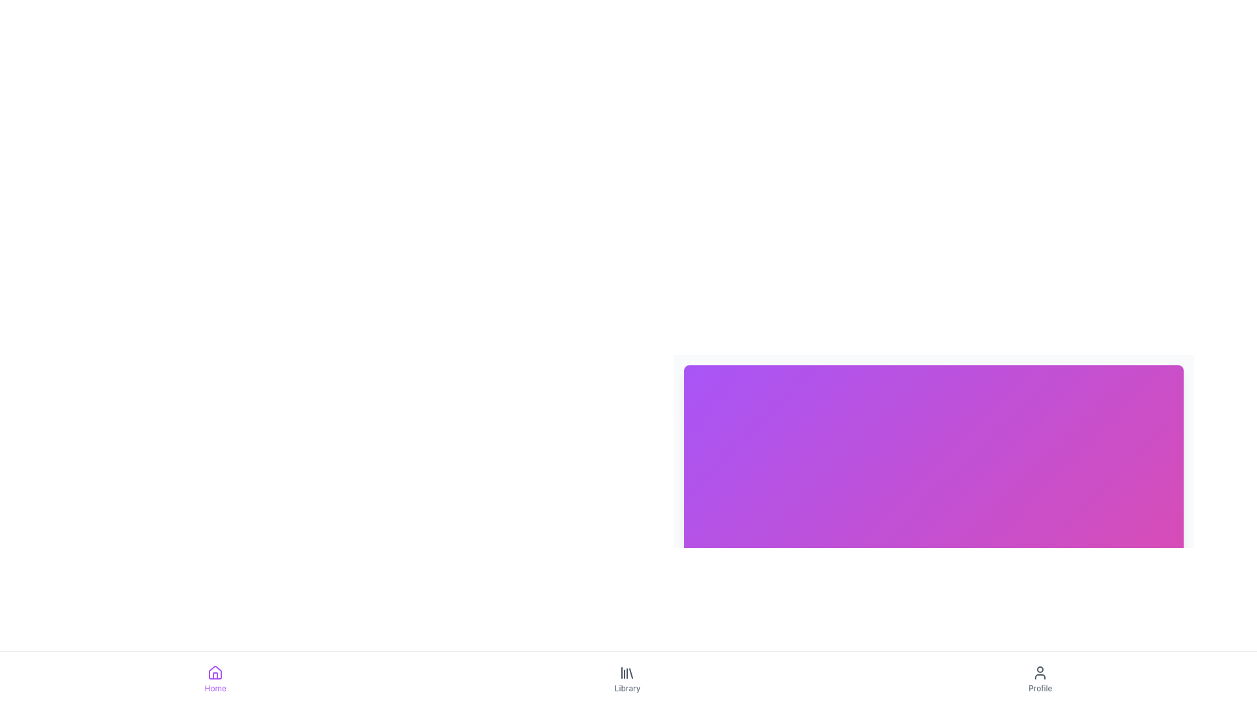 The width and height of the screenshot is (1257, 707). Describe the element at coordinates (627, 673) in the screenshot. I see `the navigational icon located in the central section of the bottom navigation bar` at that location.